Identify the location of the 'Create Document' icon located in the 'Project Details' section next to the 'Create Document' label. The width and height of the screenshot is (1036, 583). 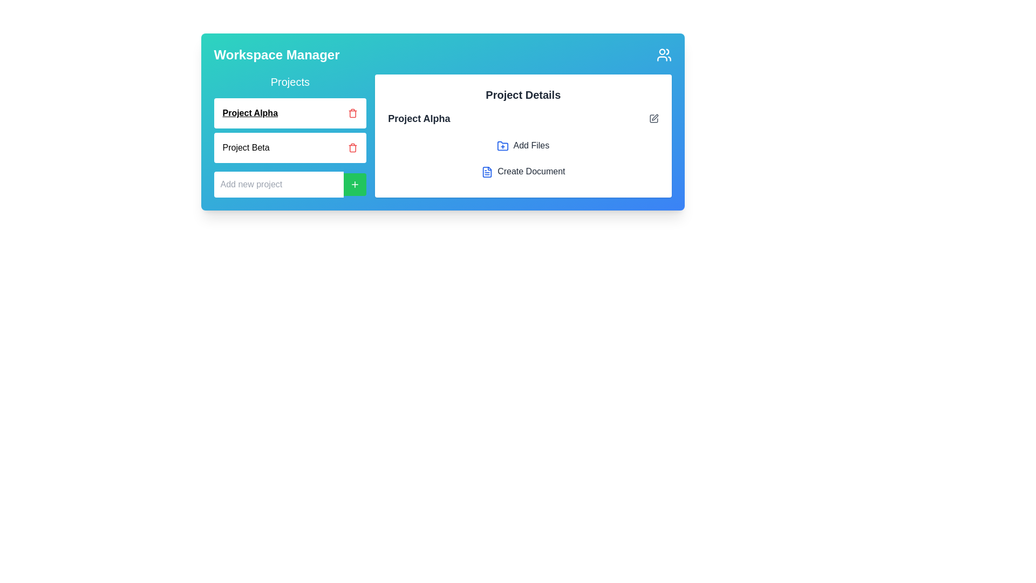
(487, 171).